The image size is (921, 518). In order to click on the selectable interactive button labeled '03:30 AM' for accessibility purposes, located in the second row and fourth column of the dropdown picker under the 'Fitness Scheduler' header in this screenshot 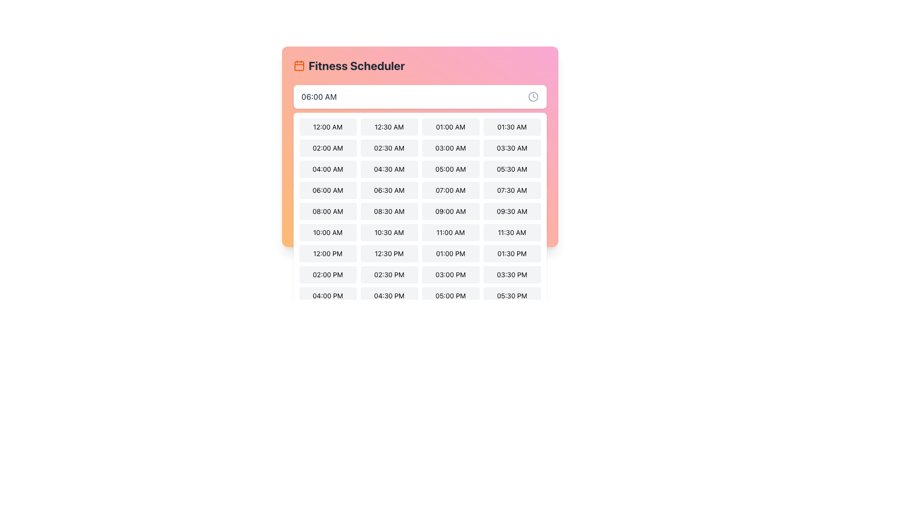, I will do `click(511, 148)`.